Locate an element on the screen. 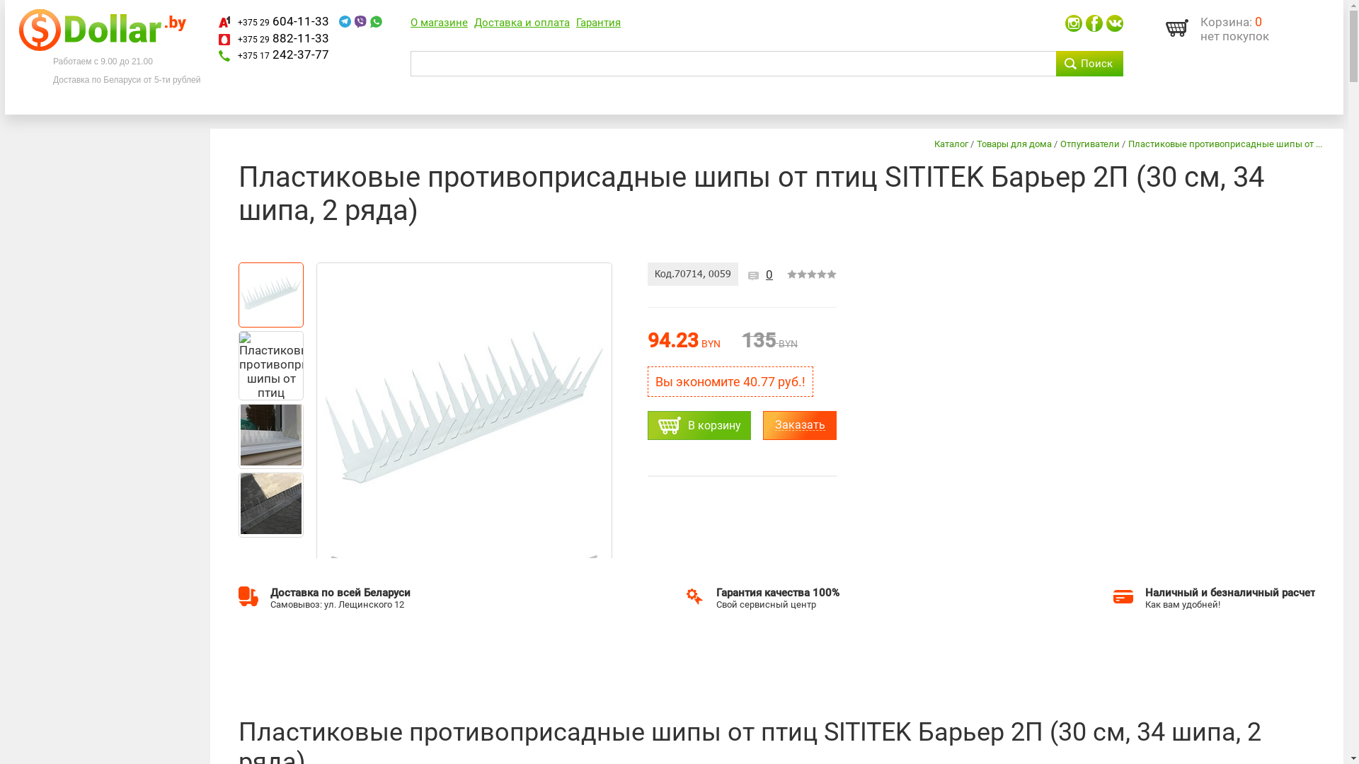 The height and width of the screenshot is (764, 1359). '0' is located at coordinates (768, 274).